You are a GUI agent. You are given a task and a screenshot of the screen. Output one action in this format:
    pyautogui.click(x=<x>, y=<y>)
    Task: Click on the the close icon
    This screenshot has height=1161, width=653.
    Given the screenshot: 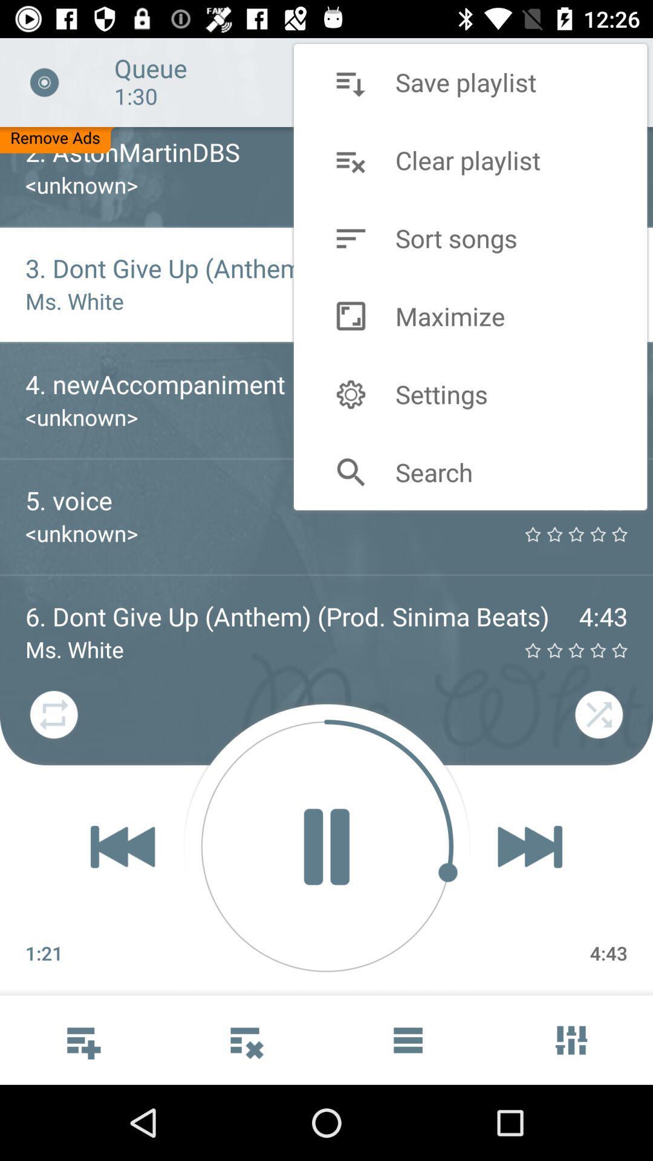 What is the action you would take?
    pyautogui.click(x=44, y=82)
    